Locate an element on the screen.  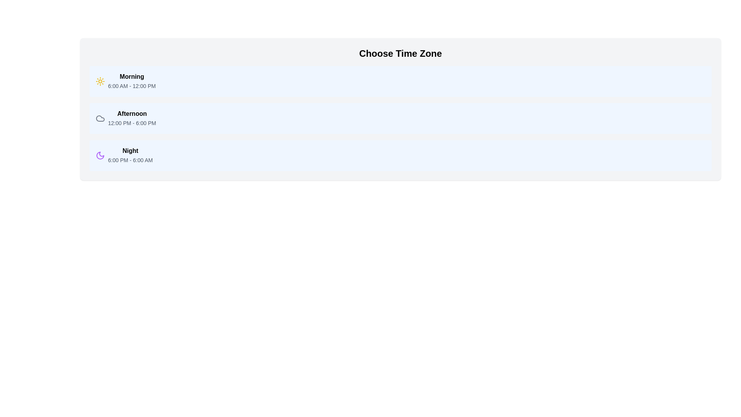
the 'Morning' time slot text label that displays '6:00 AM - 12:00 PM' in a list of time slots under the 'Choose Time Zone' heading is located at coordinates (132, 81).